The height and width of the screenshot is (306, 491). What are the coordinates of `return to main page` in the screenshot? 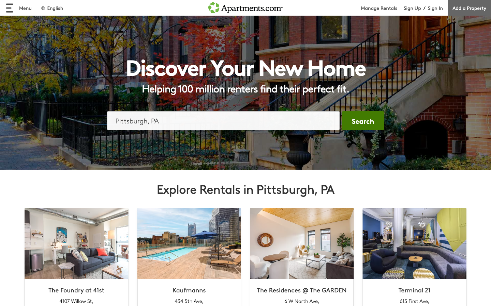 It's located at (245, 7).